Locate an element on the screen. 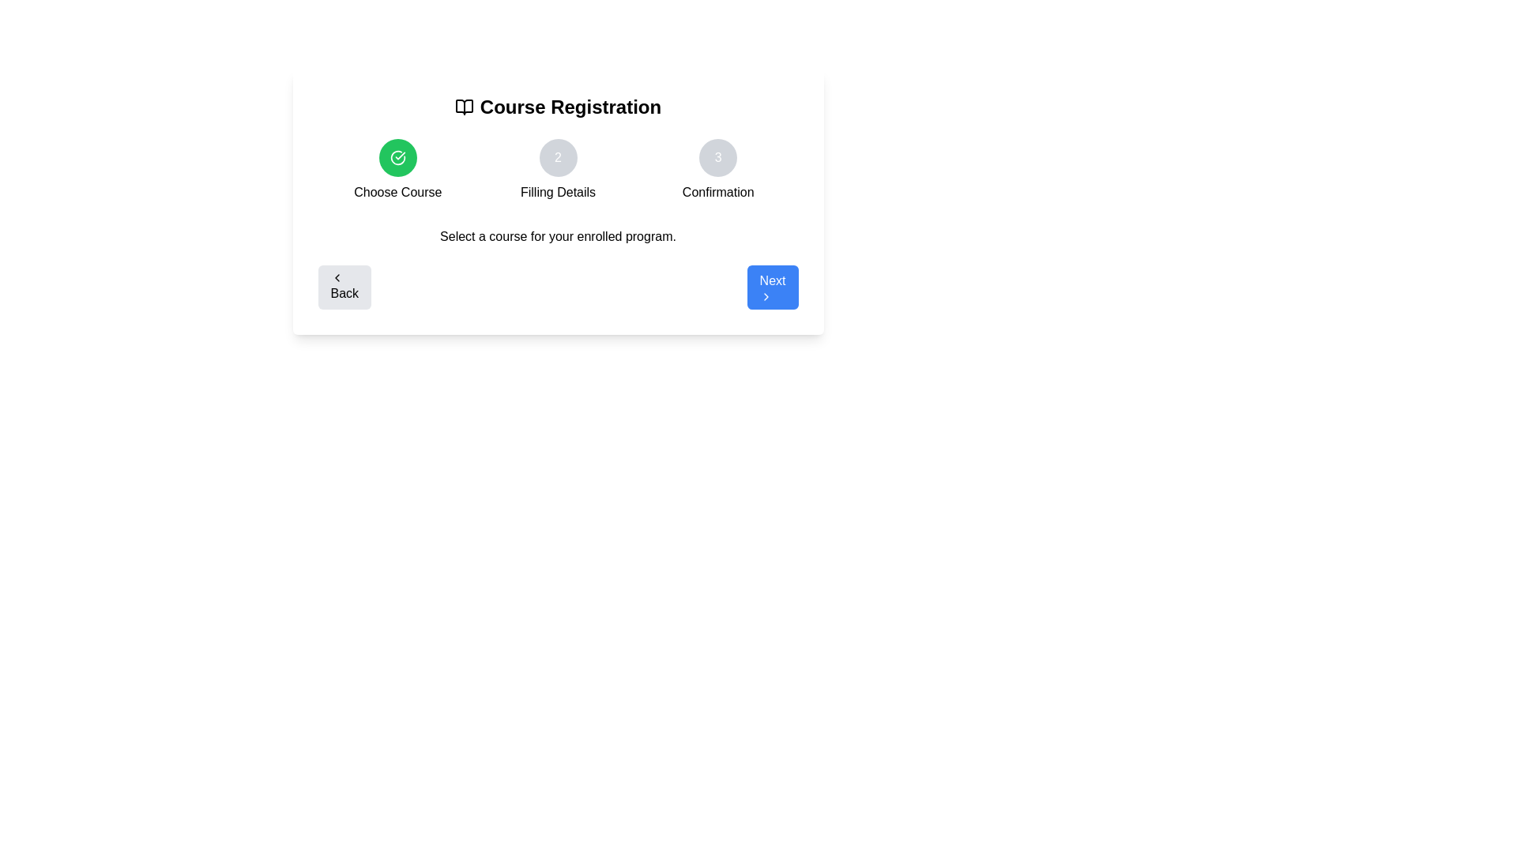 The width and height of the screenshot is (1517, 853). the static text label that provides guidance for selecting a course in the current step, located centrally below the progress step indicators is located at coordinates (558, 237).